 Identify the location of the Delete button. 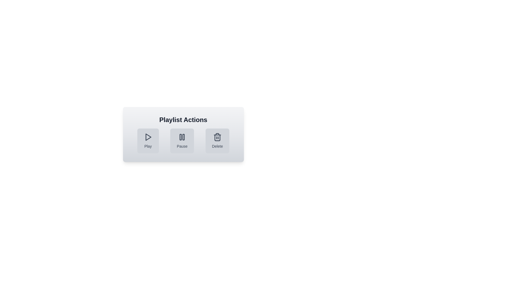
(217, 141).